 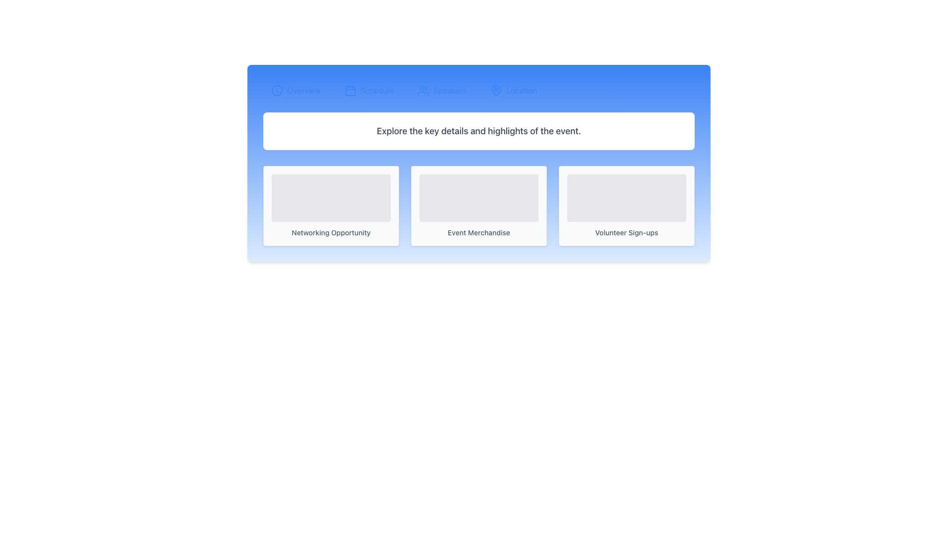 I want to click on the 'Overview' navigation tab button located at the top-left of the horizontal navigation bar, so click(x=295, y=90).